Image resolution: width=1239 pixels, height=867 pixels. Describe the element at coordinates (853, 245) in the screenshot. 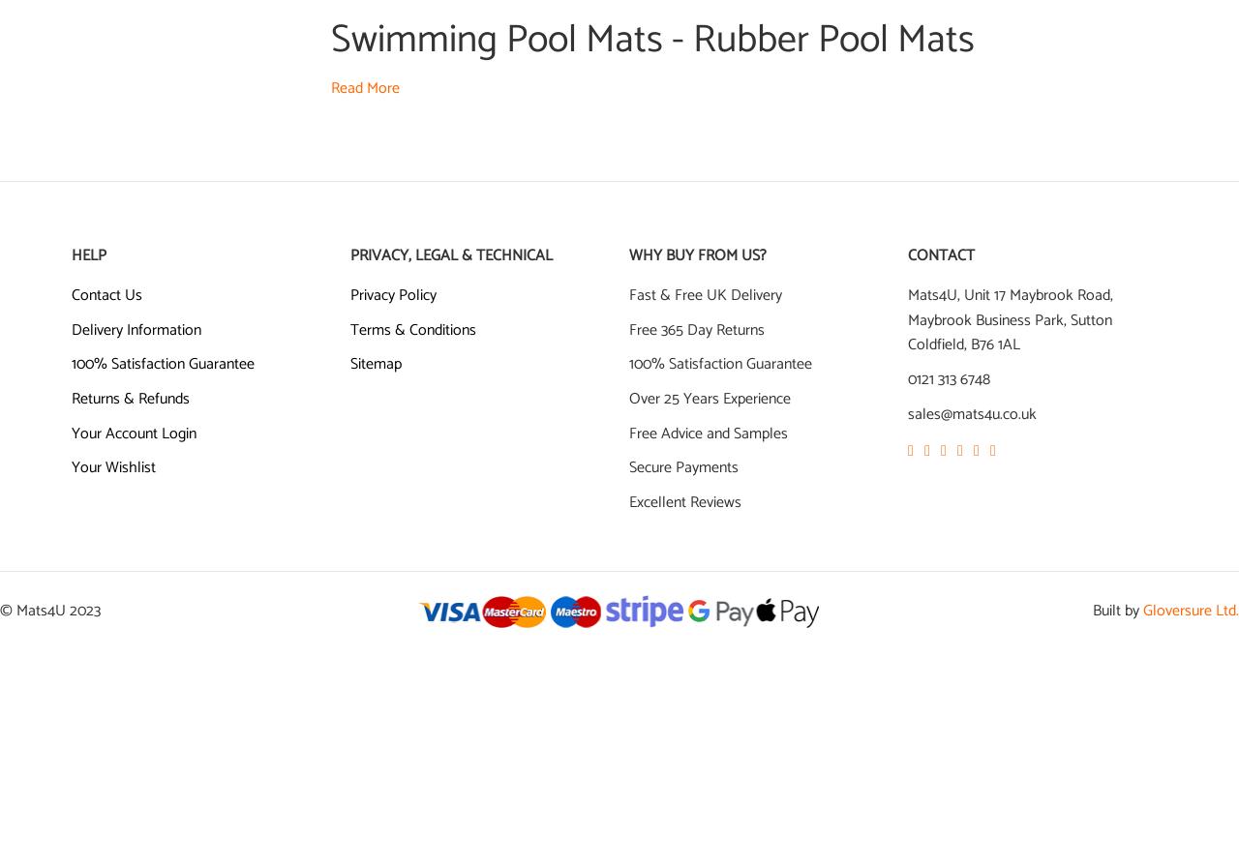

I see `'Heronrib'` at that location.